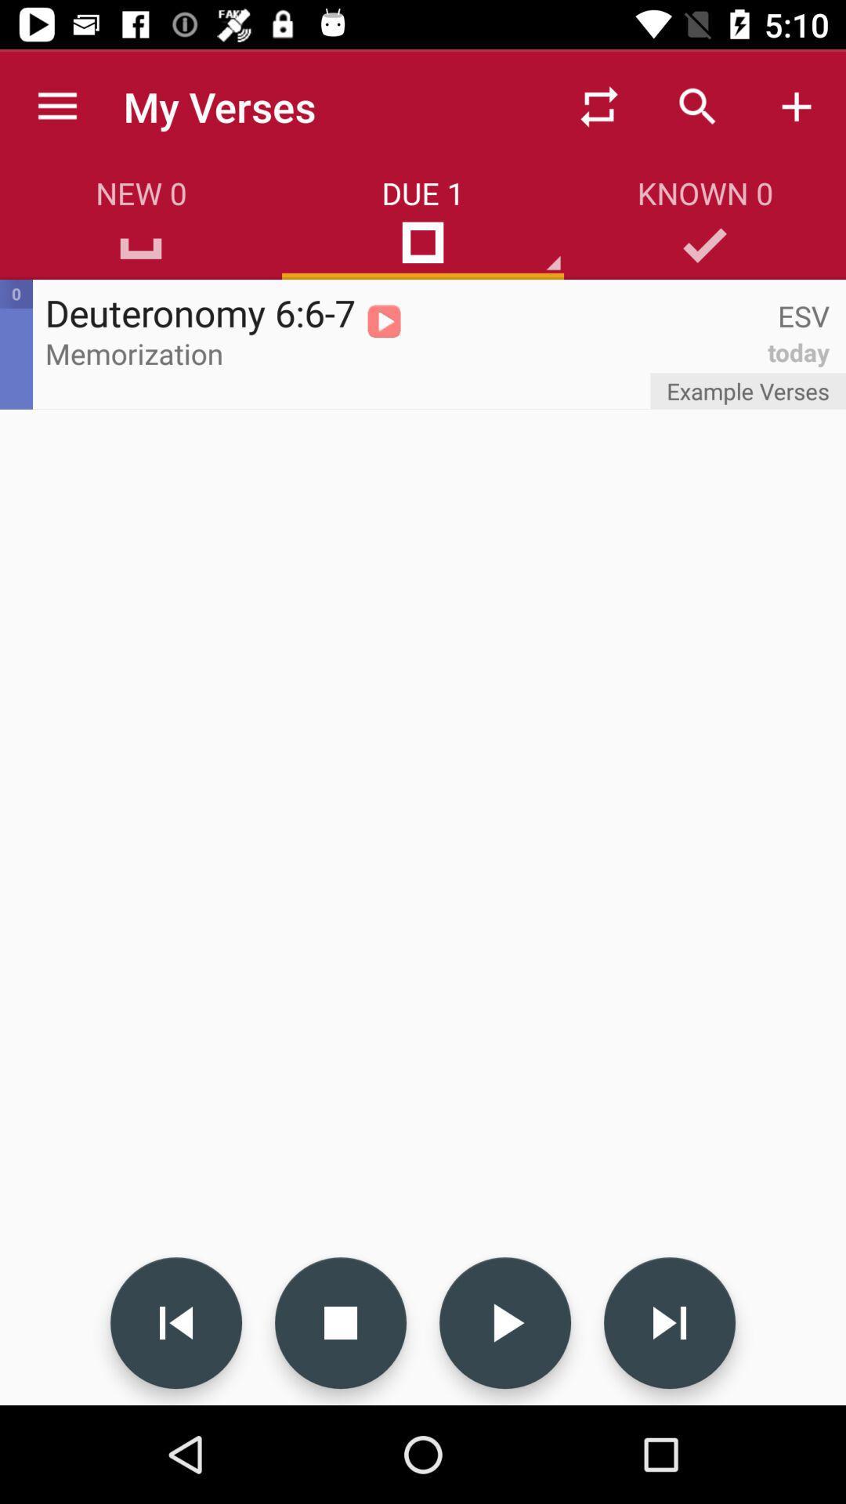 The width and height of the screenshot is (846, 1504). What do you see at coordinates (504, 1322) in the screenshot?
I see `recording` at bounding box center [504, 1322].